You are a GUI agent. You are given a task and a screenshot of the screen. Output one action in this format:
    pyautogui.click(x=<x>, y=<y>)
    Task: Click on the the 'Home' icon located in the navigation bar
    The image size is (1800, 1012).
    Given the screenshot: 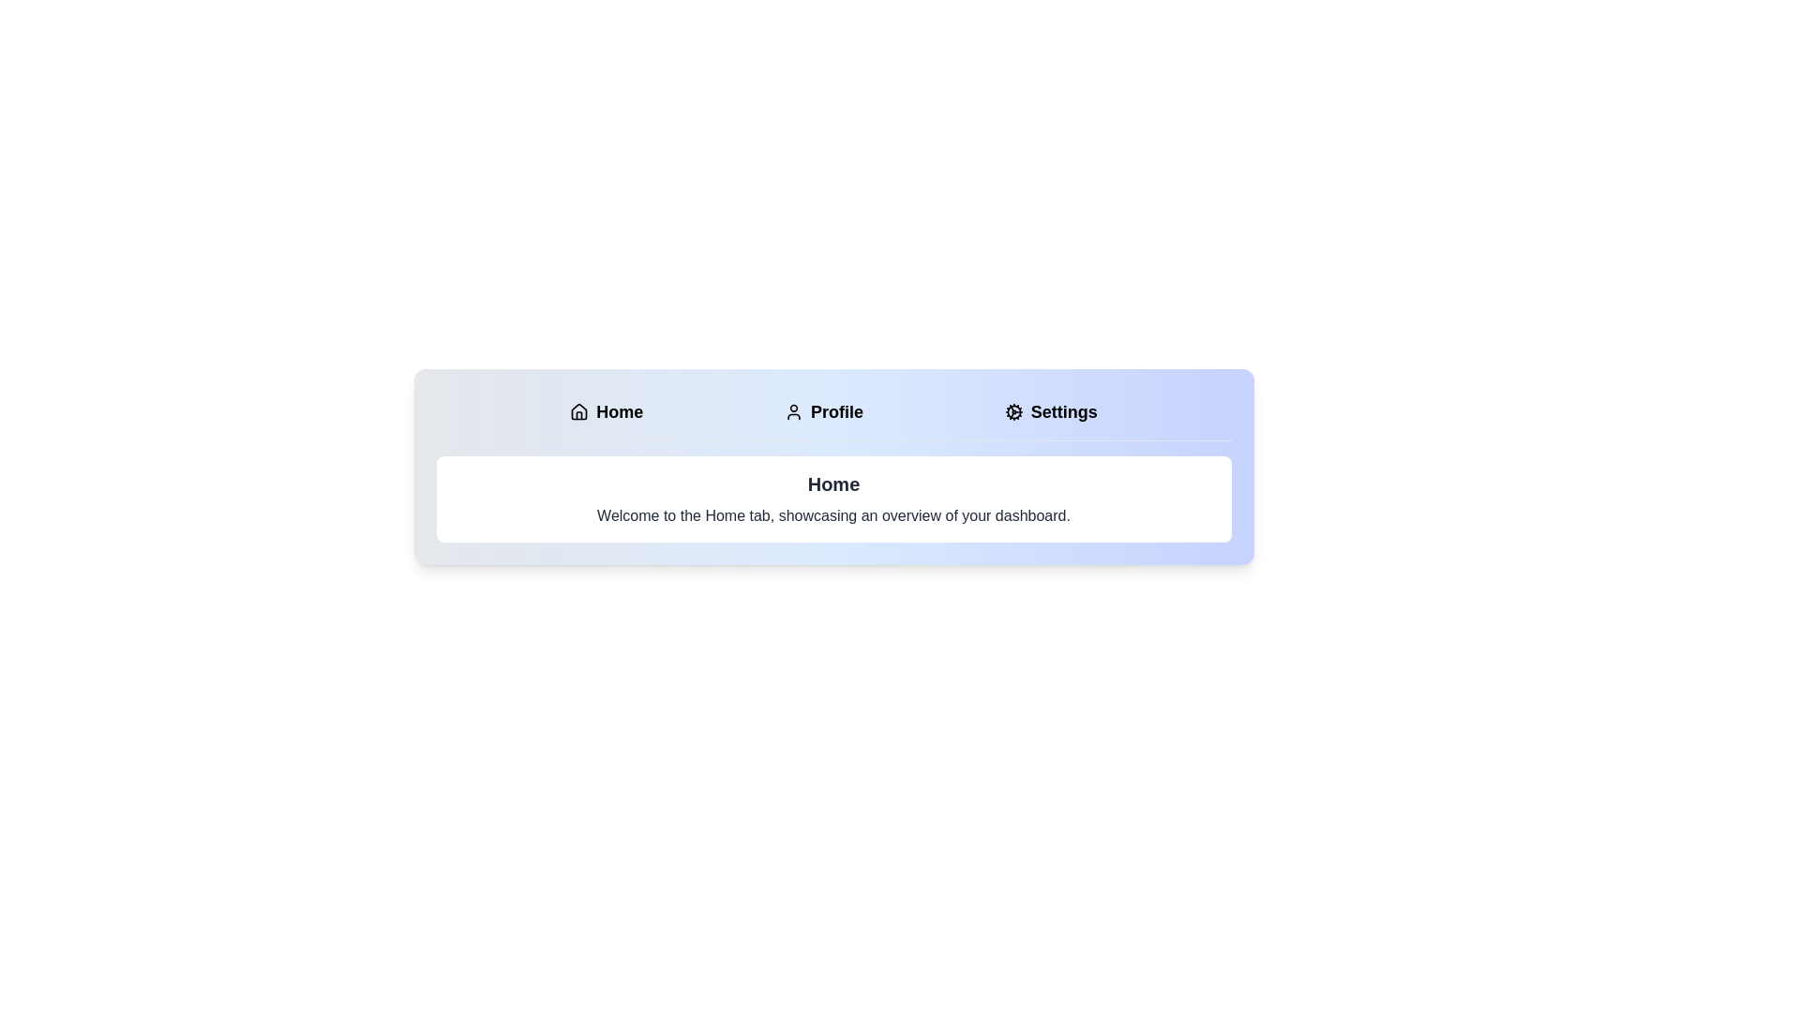 What is the action you would take?
    pyautogui.click(x=578, y=410)
    